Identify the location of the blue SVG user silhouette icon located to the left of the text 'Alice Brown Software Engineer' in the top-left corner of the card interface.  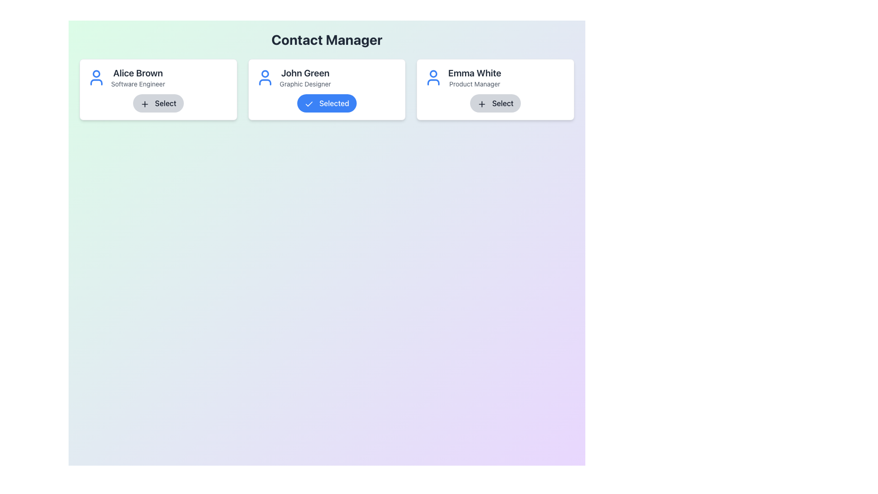
(96, 77).